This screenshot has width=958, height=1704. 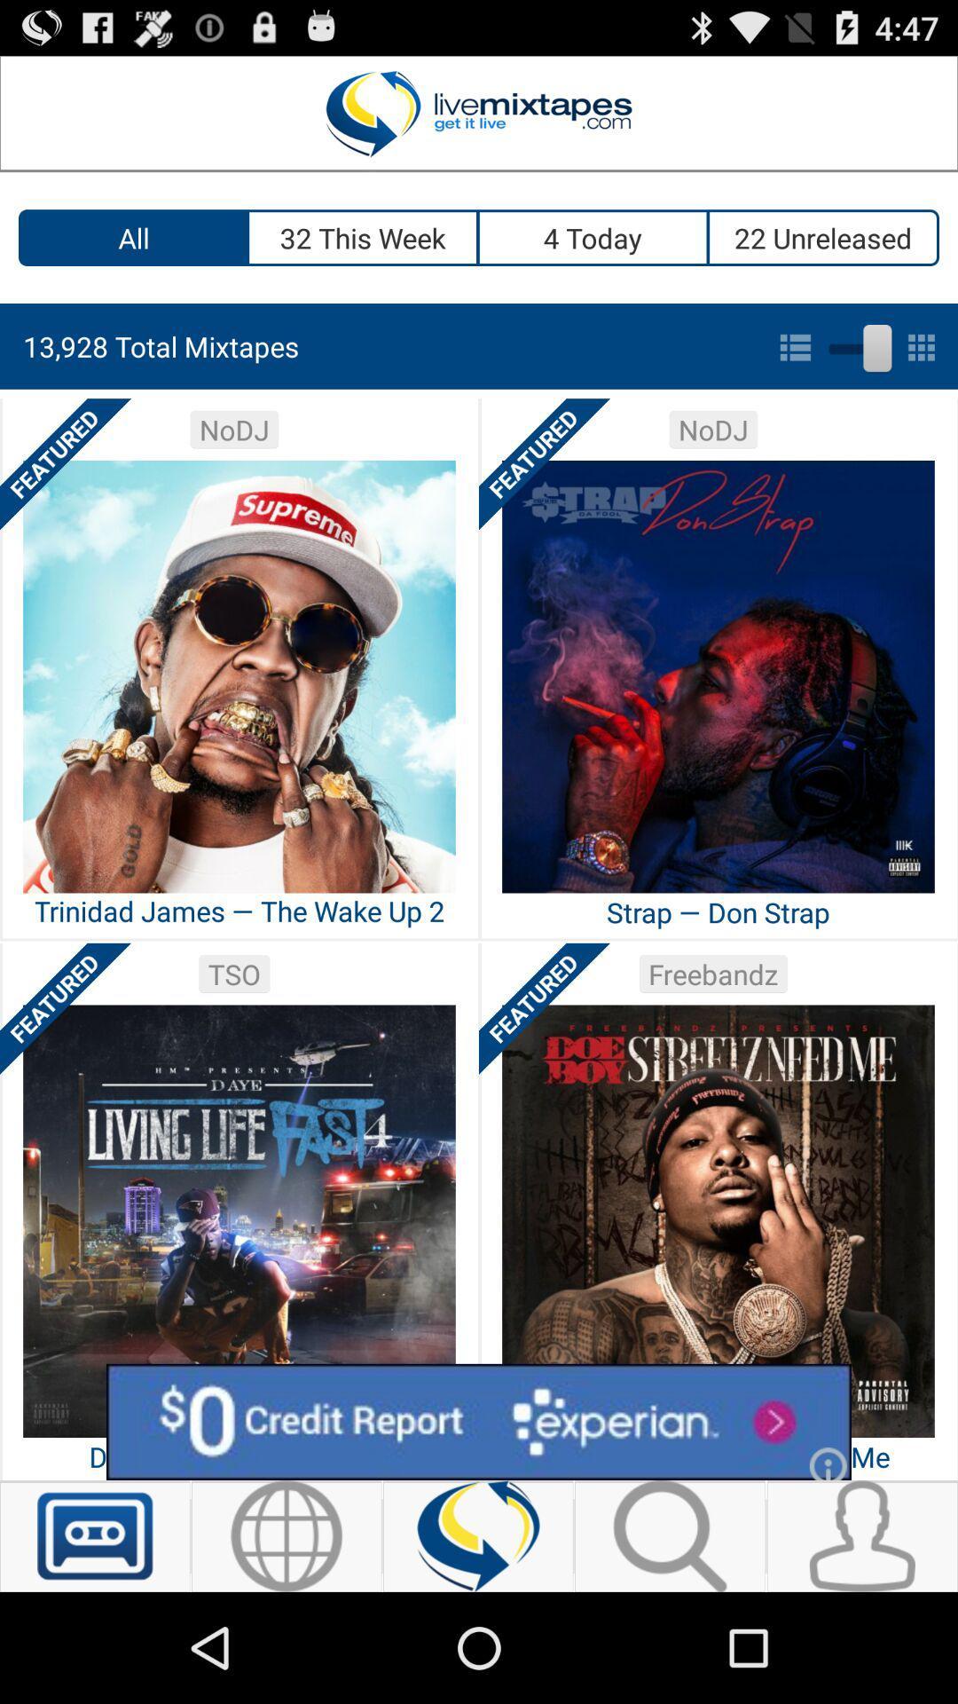 I want to click on the icon next to the 32 this week app, so click(x=132, y=237).